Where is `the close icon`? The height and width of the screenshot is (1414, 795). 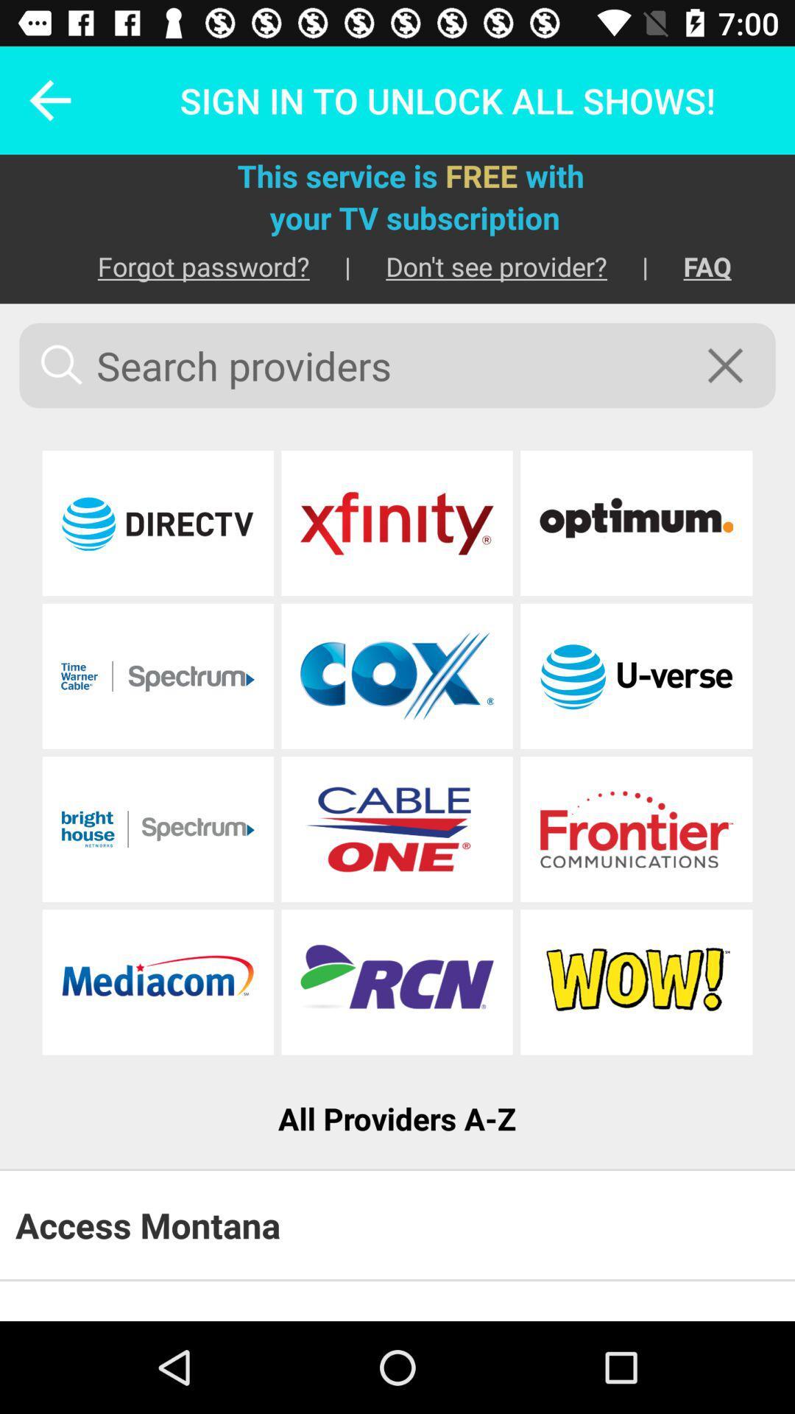 the close icon is located at coordinates (735, 365).